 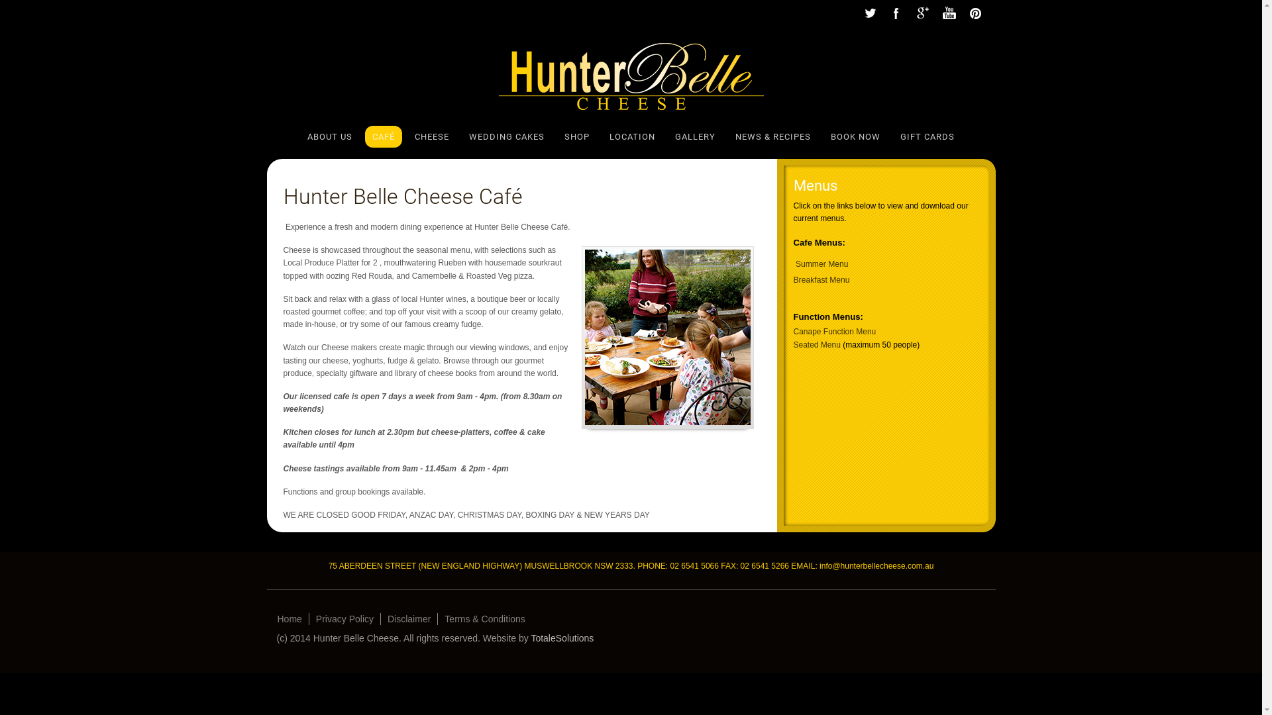 I want to click on 'Google+', so click(x=922, y=13).